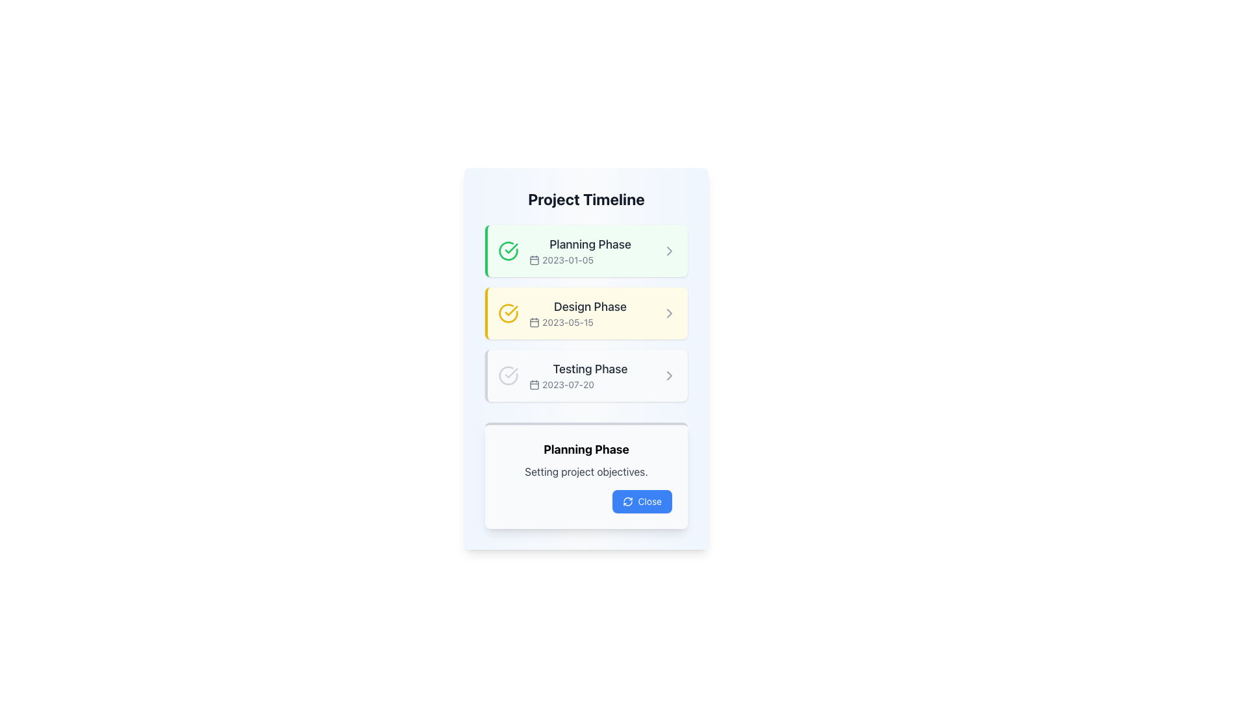  Describe the element at coordinates (670, 251) in the screenshot. I see `the rightward chevron icon in the 'Planning Phase' group` at that location.